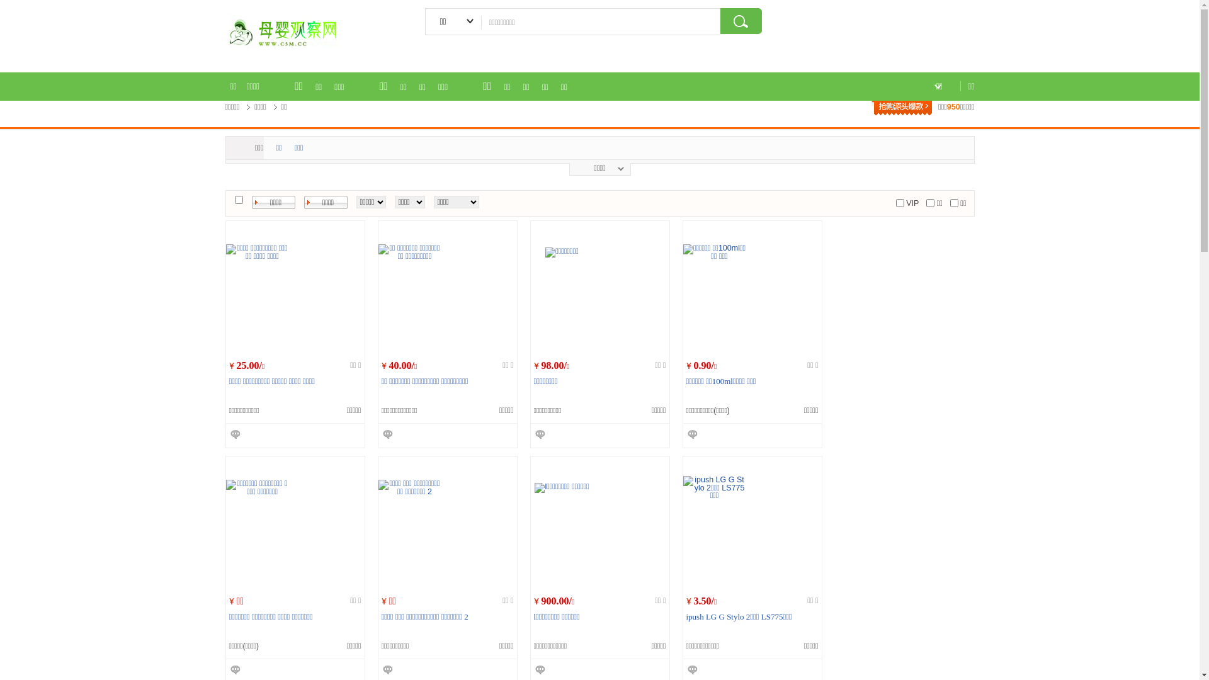  I want to click on 'on', so click(926, 202).